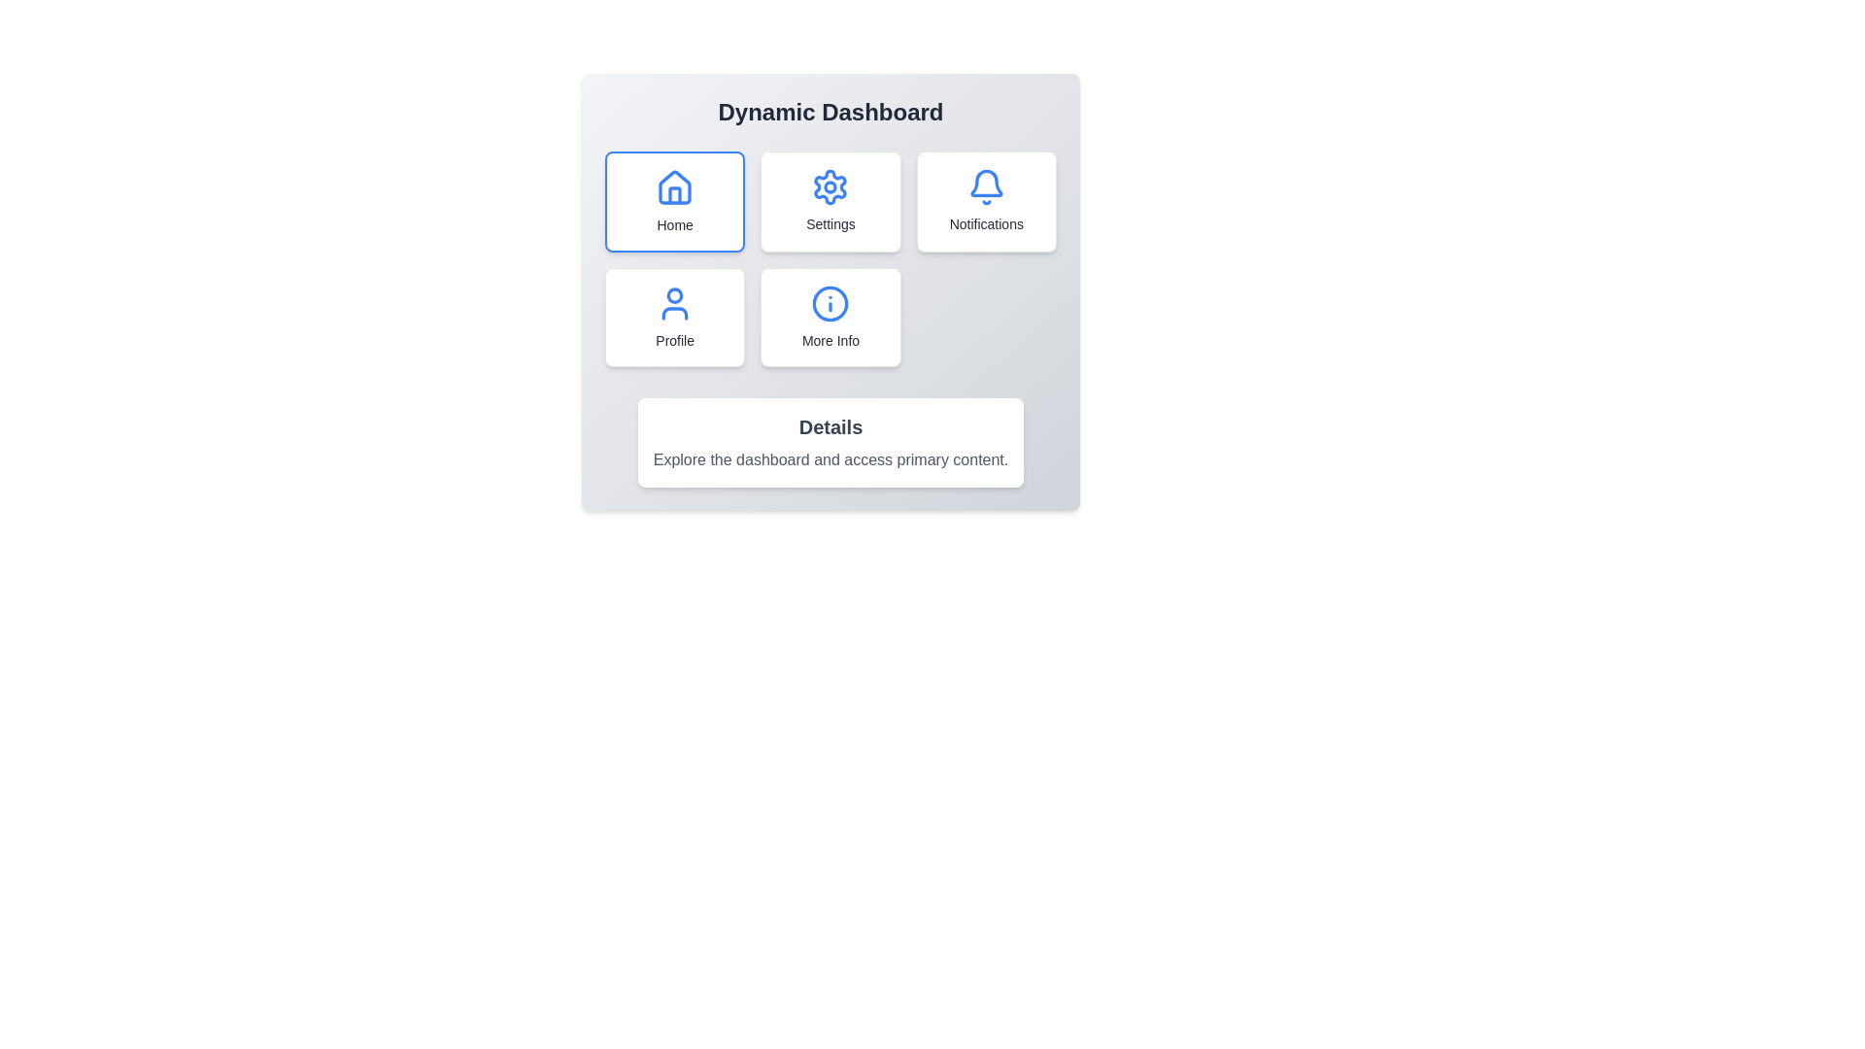  I want to click on the 'Settings' text label, which is displayed in a medium-sized, bold font with a dark gray color, located beneath a gear icon in a card-like UI component, so click(831, 223).